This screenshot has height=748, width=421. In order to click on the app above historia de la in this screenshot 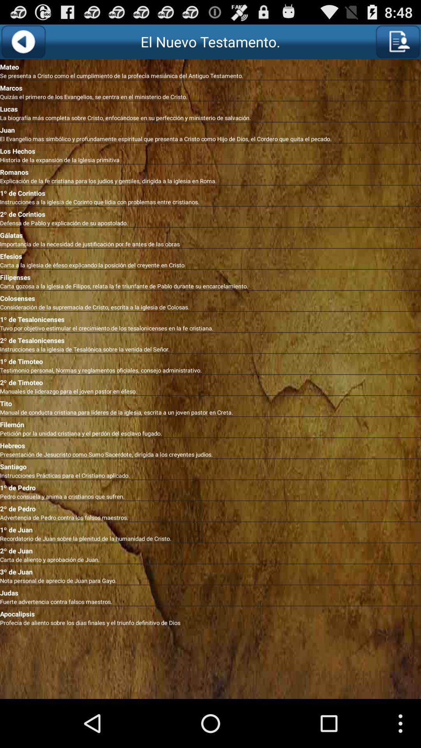, I will do `click(210, 150)`.